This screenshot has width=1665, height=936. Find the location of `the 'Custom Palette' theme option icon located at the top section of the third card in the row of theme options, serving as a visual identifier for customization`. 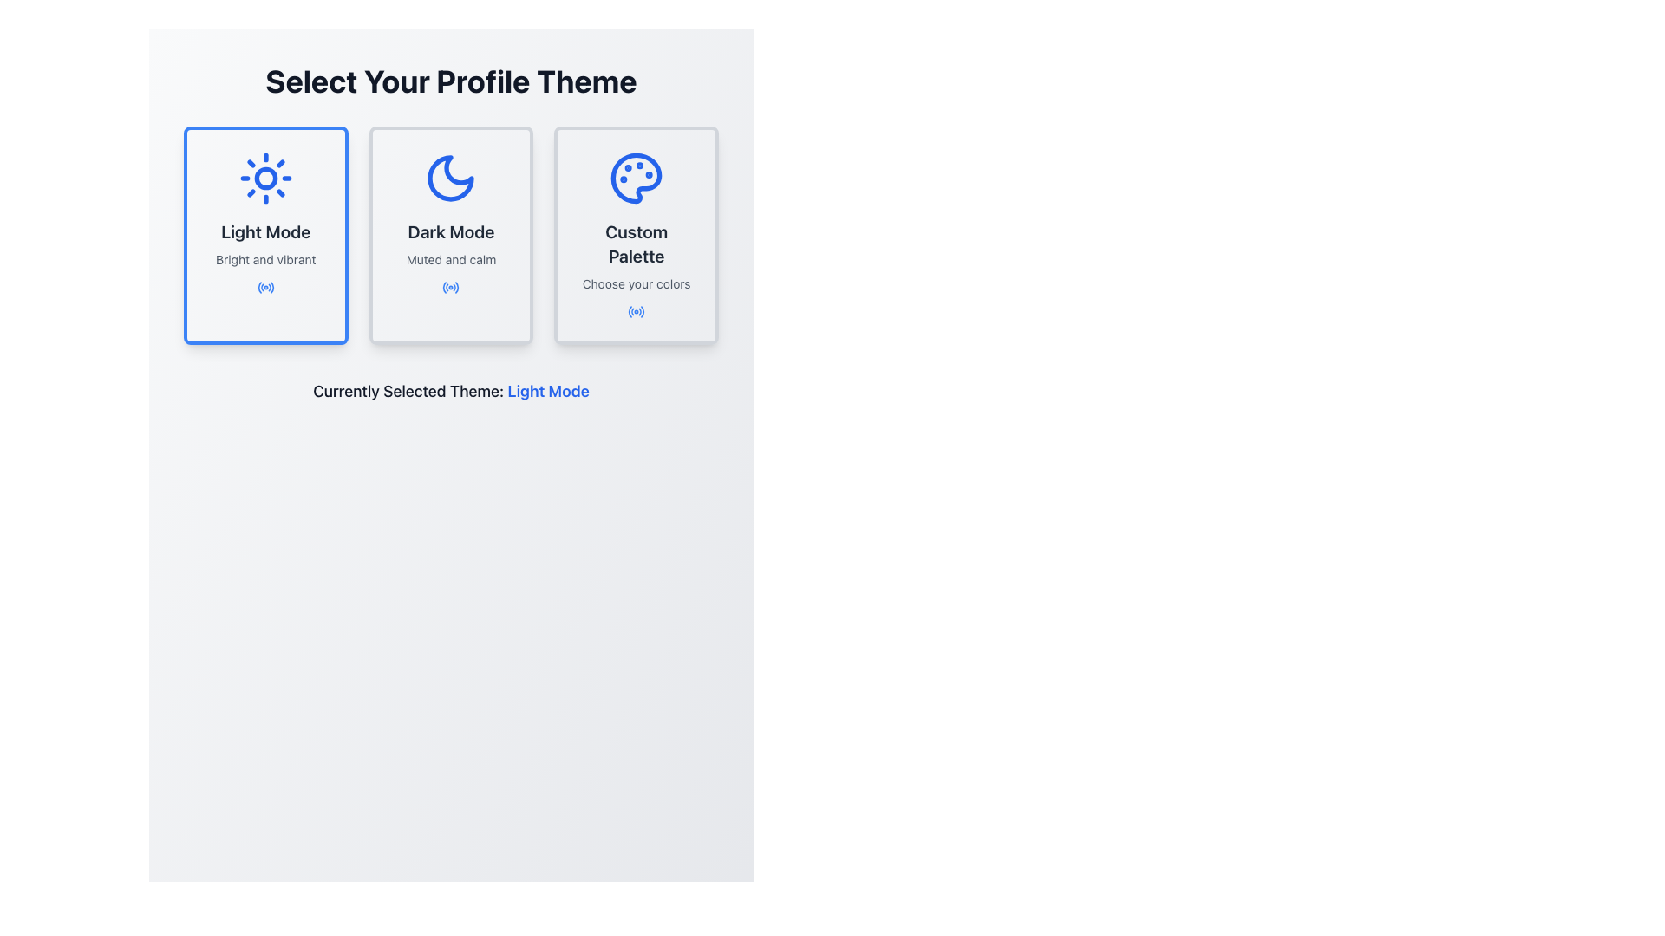

the 'Custom Palette' theme option icon located at the top section of the third card in the row of theme options, serving as a visual identifier for customization is located at coordinates (636, 178).